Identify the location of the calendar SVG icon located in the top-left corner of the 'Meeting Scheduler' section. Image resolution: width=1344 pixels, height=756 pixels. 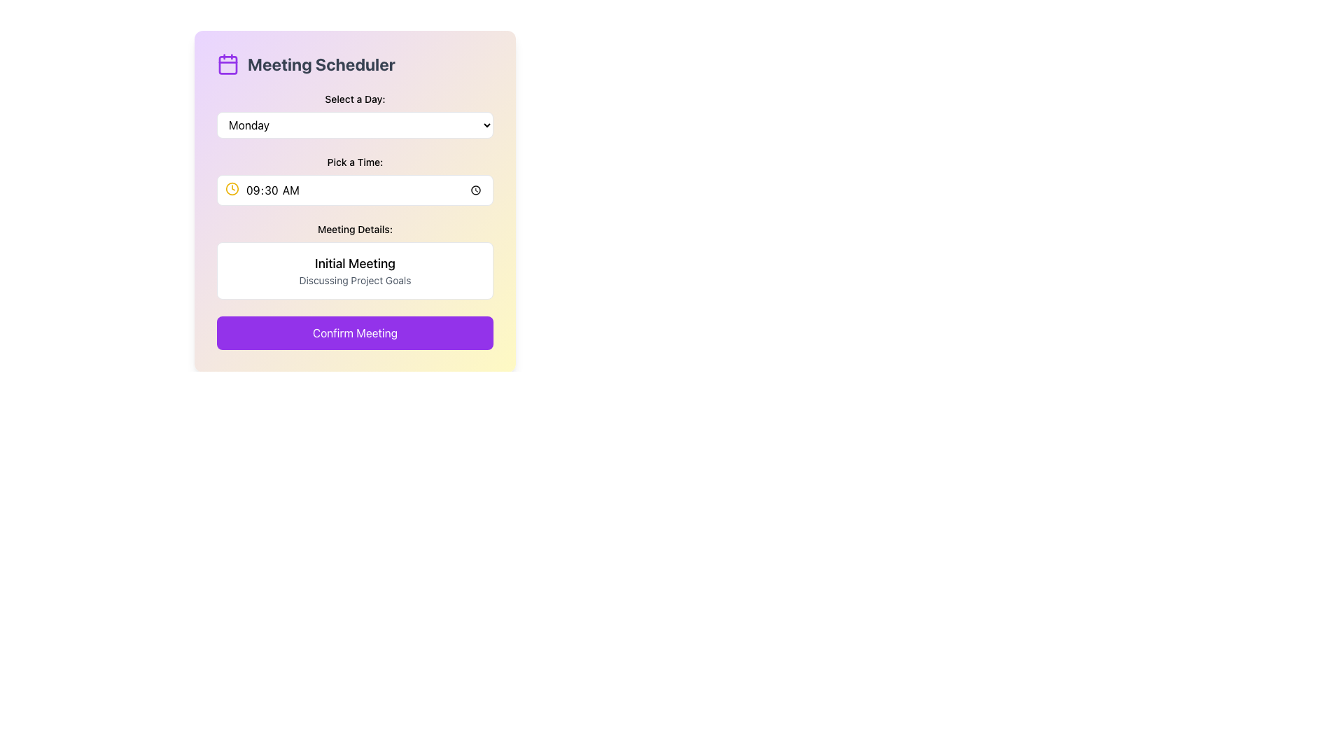
(228, 64).